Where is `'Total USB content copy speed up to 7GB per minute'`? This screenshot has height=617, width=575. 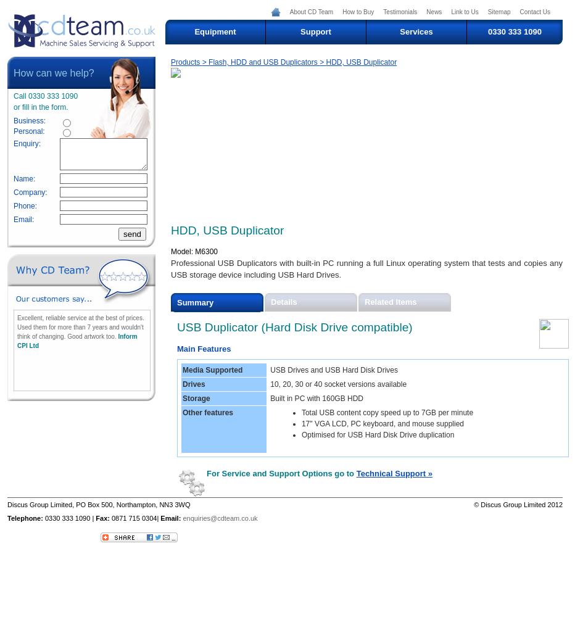 'Total USB content copy speed up to 7GB per minute' is located at coordinates (300, 413).